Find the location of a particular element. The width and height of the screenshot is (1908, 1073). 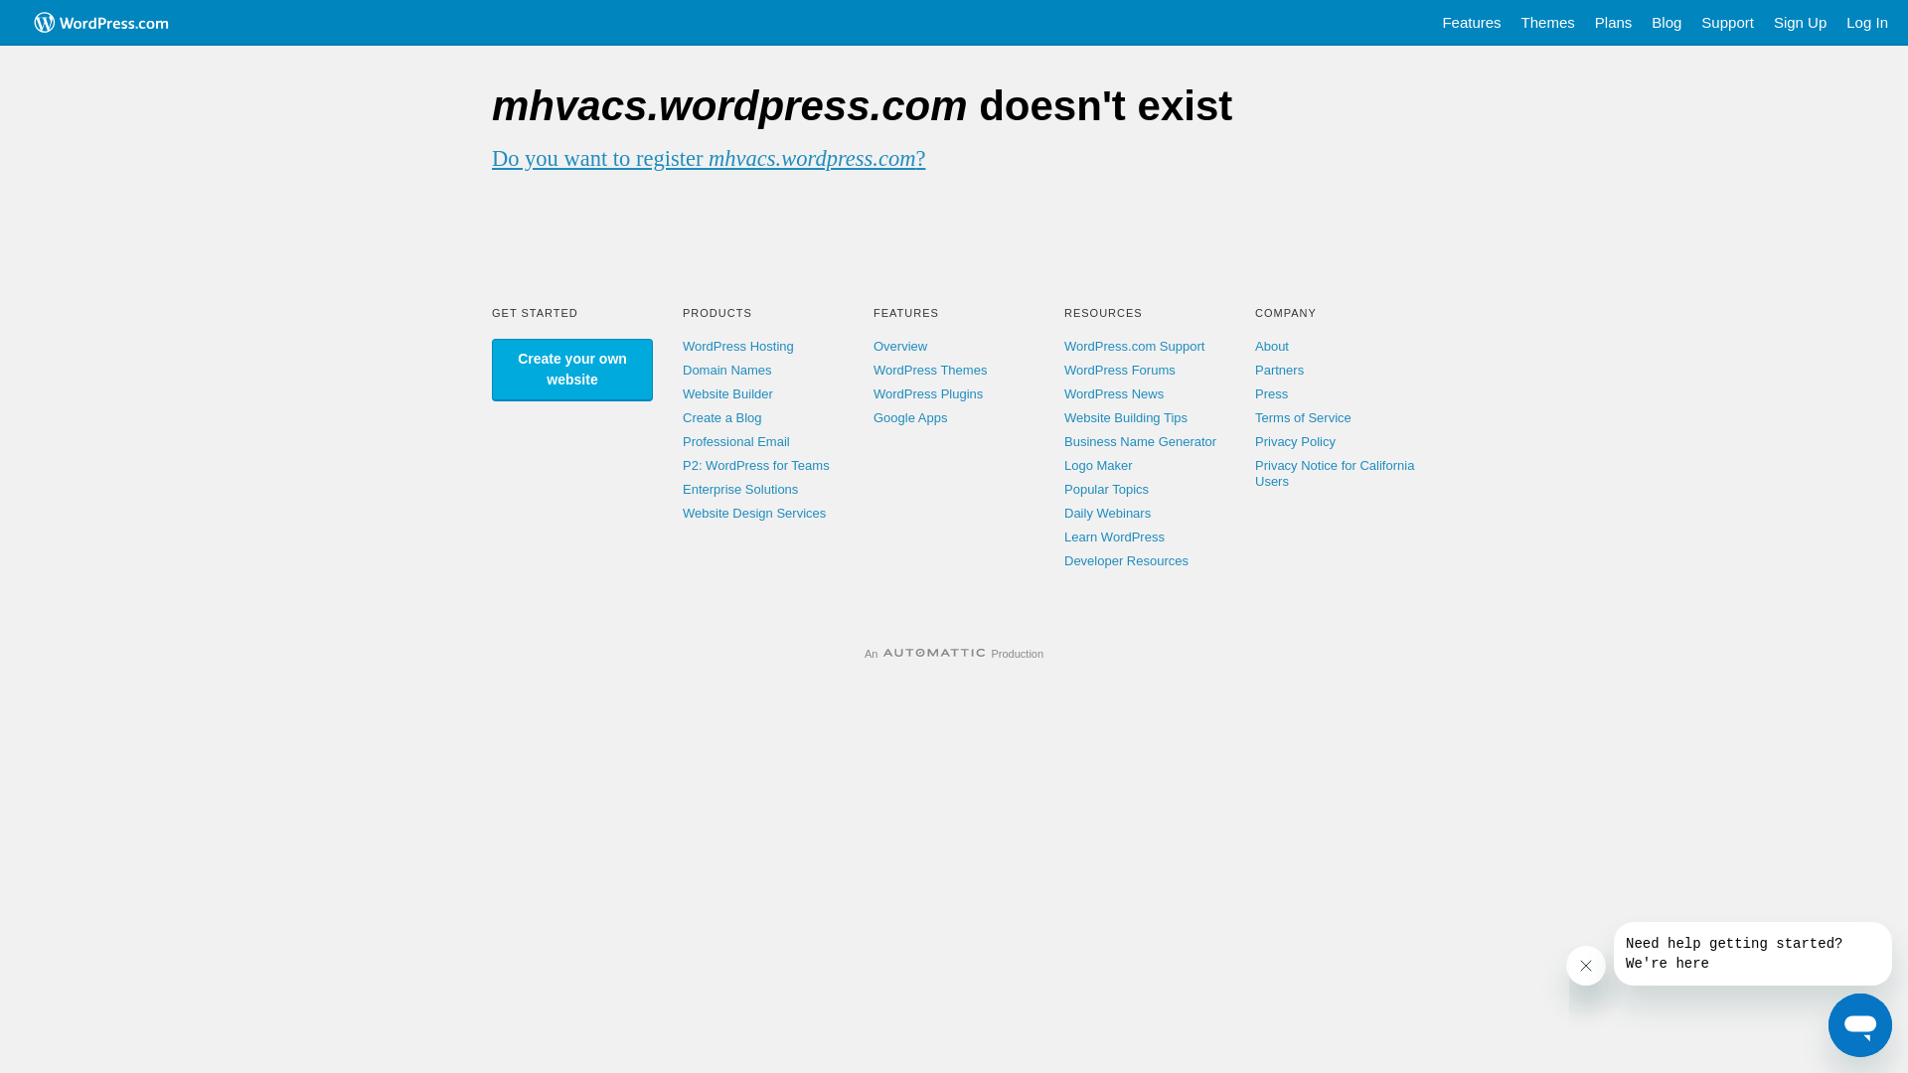

'Privacy Notice for California Users' is located at coordinates (1335, 473).